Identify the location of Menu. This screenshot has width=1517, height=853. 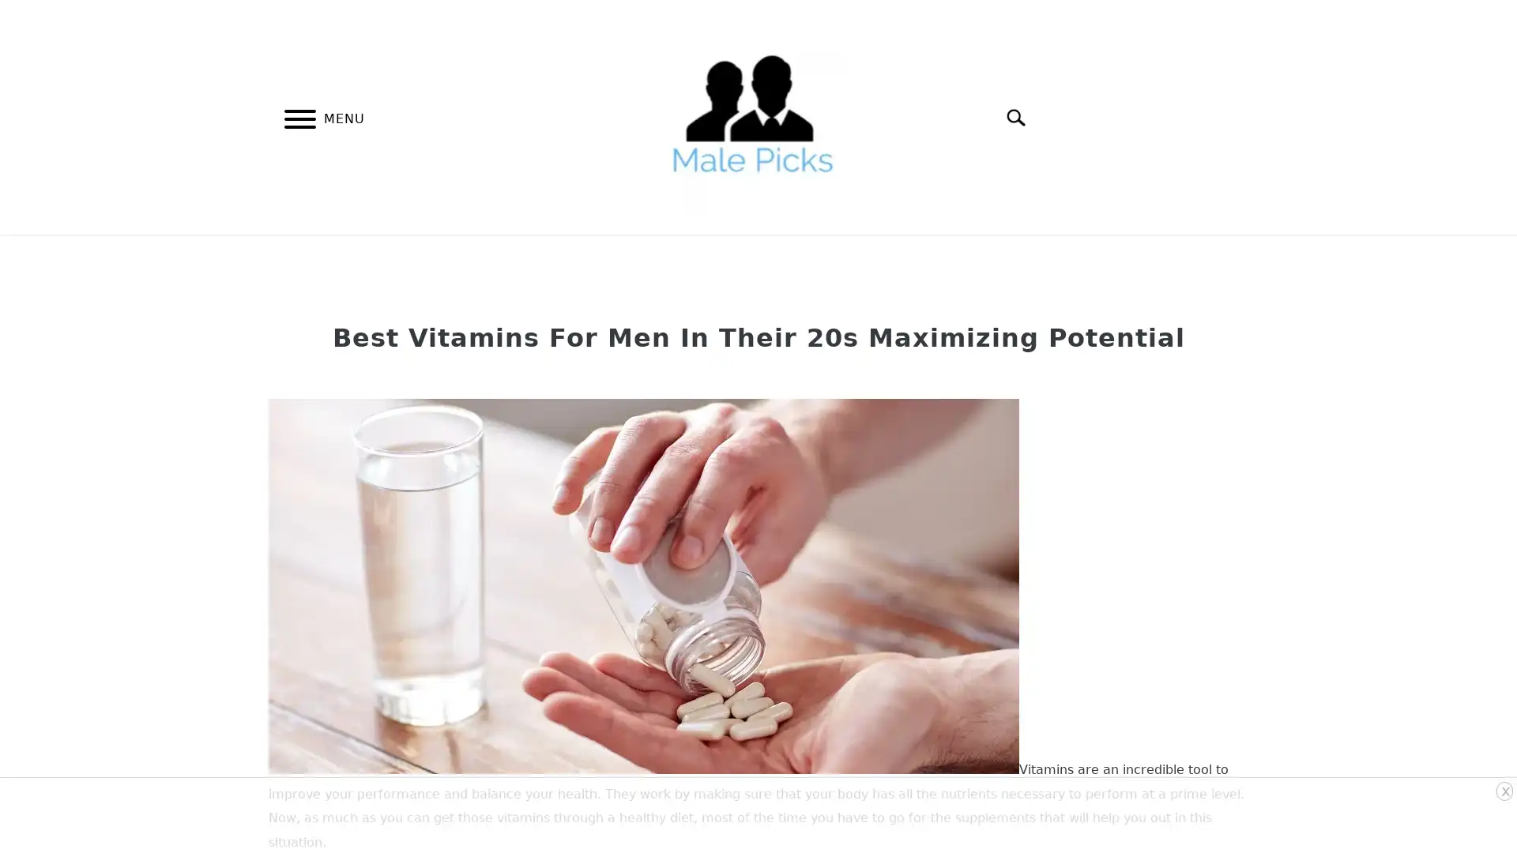
(299, 120).